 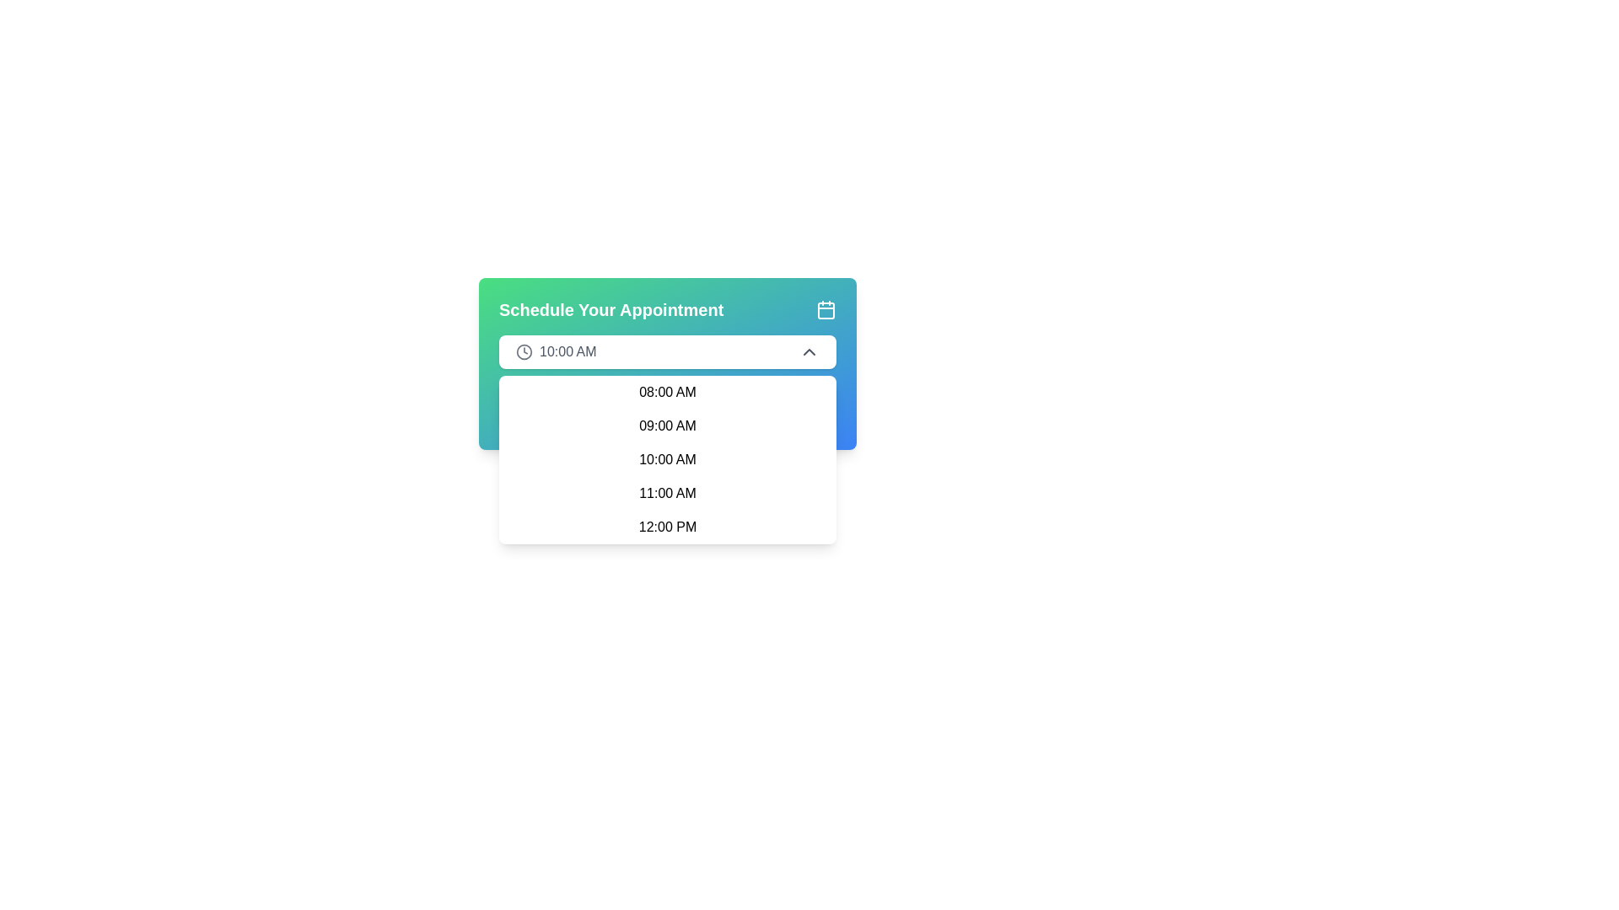 What do you see at coordinates (667, 526) in the screenshot?
I see `the text label reading '12:00 PM'` at bounding box center [667, 526].